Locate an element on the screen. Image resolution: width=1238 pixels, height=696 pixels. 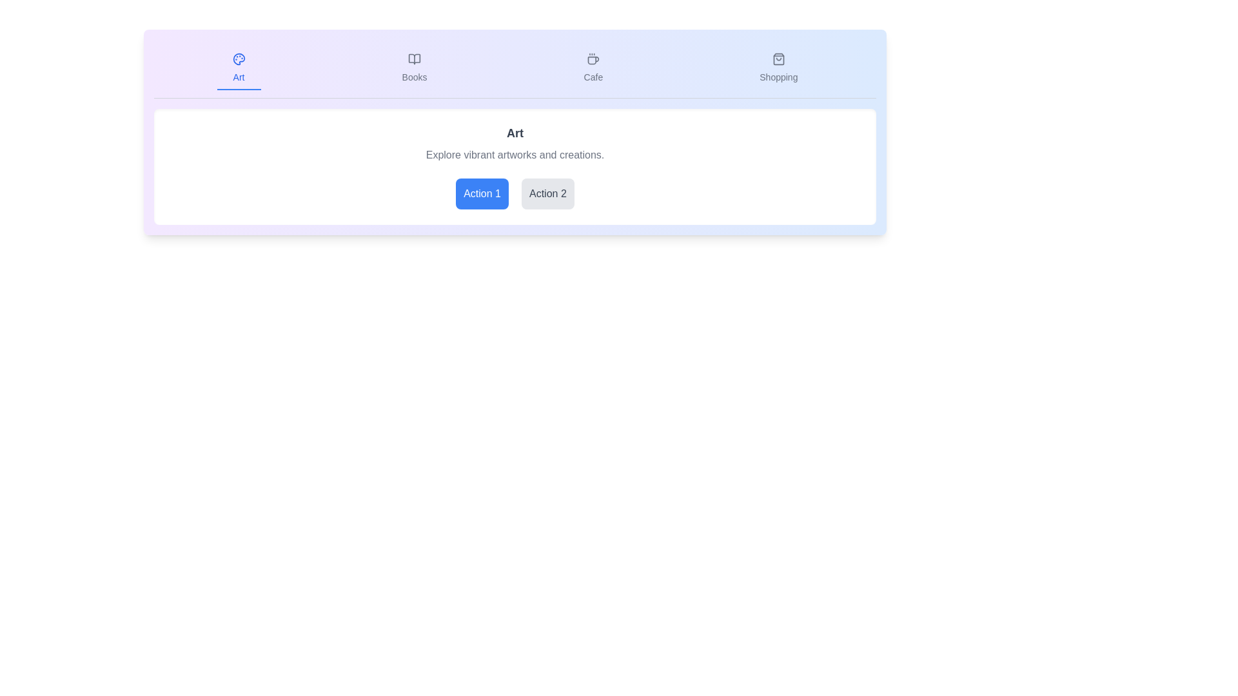
the tab labeled Books is located at coordinates (415, 69).